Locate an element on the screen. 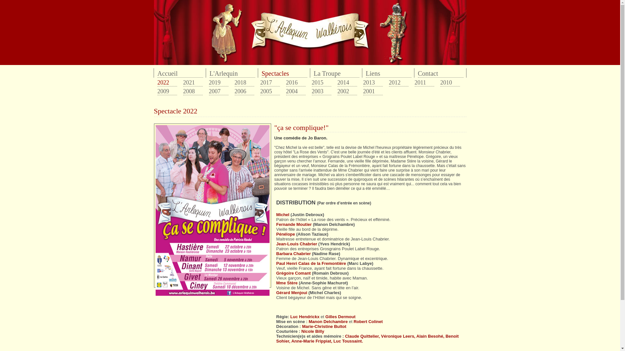 The image size is (625, 351). 'L'Arlequin' is located at coordinates (232, 73).